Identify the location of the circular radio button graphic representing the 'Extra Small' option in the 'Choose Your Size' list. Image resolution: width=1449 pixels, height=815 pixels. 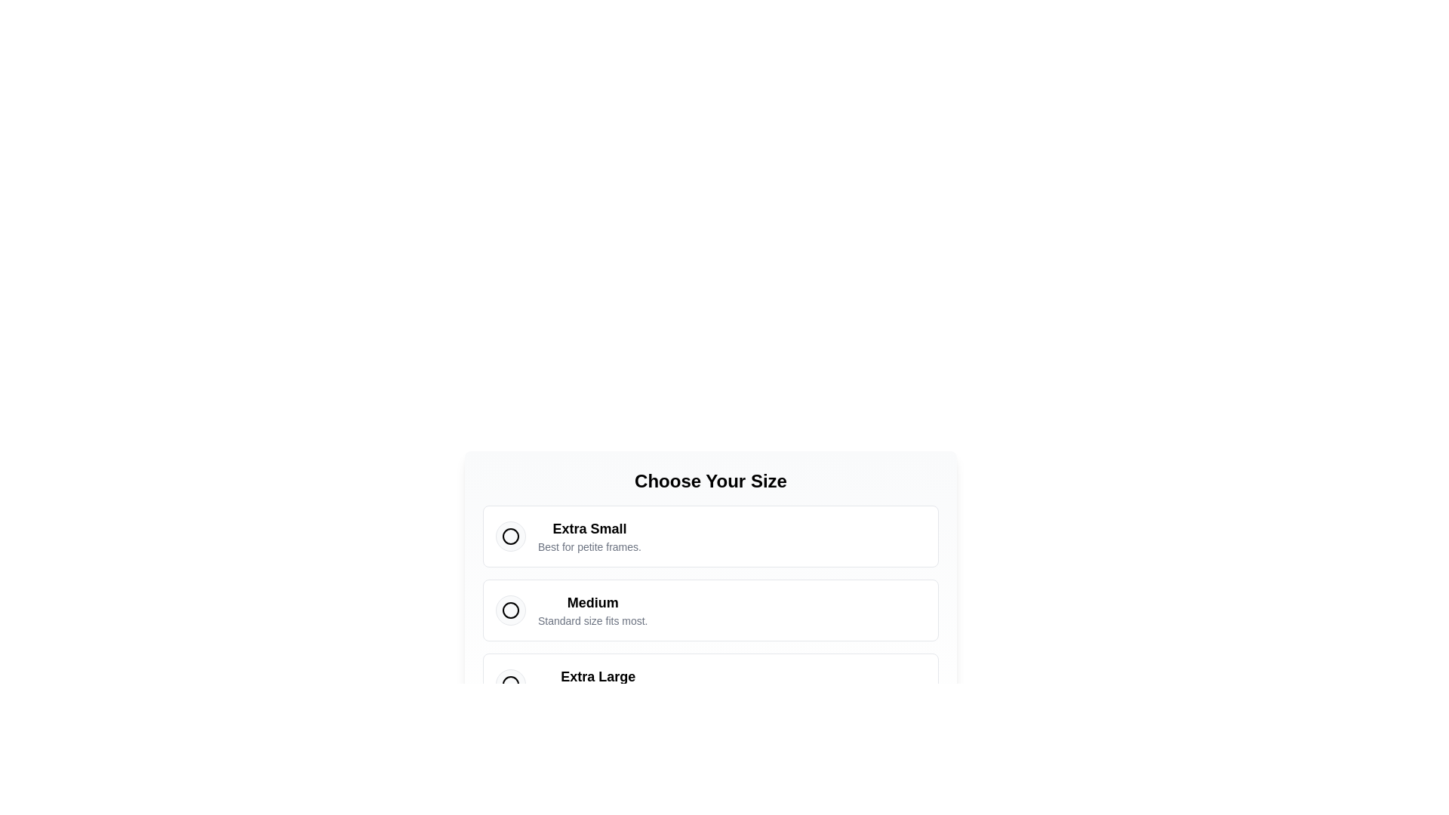
(510, 535).